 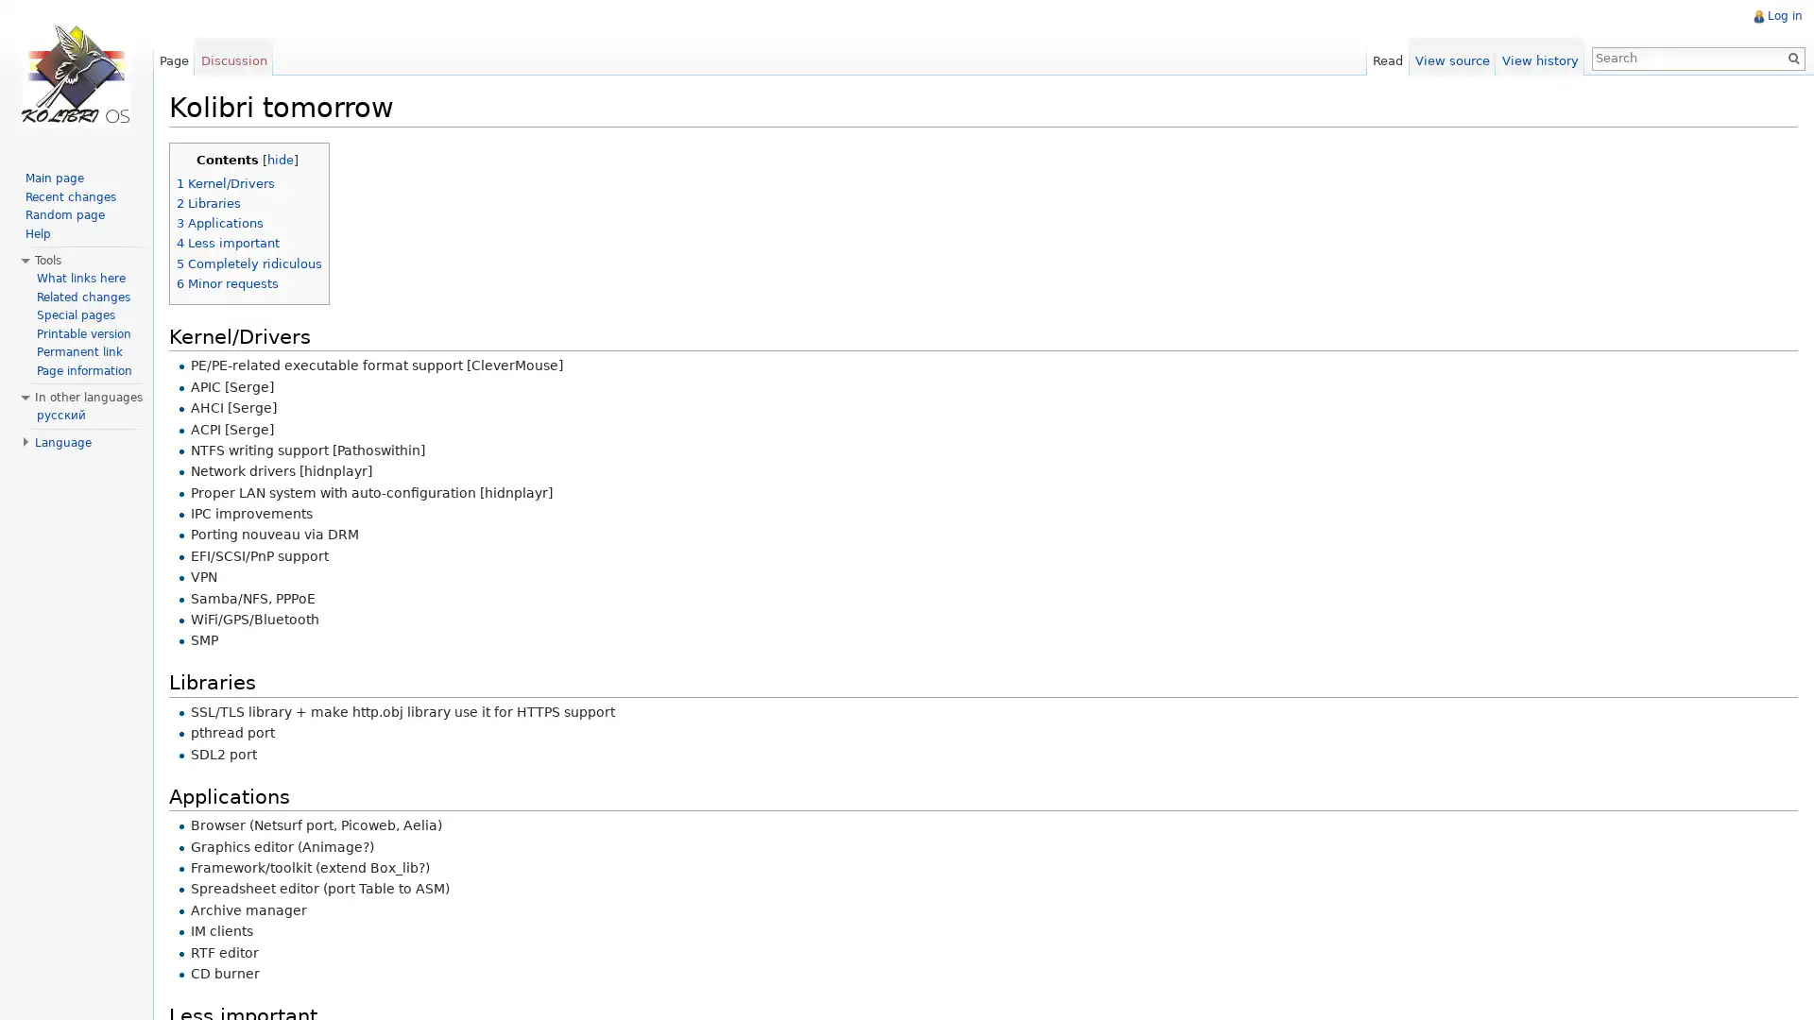 I want to click on In other languages, so click(x=88, y=396).